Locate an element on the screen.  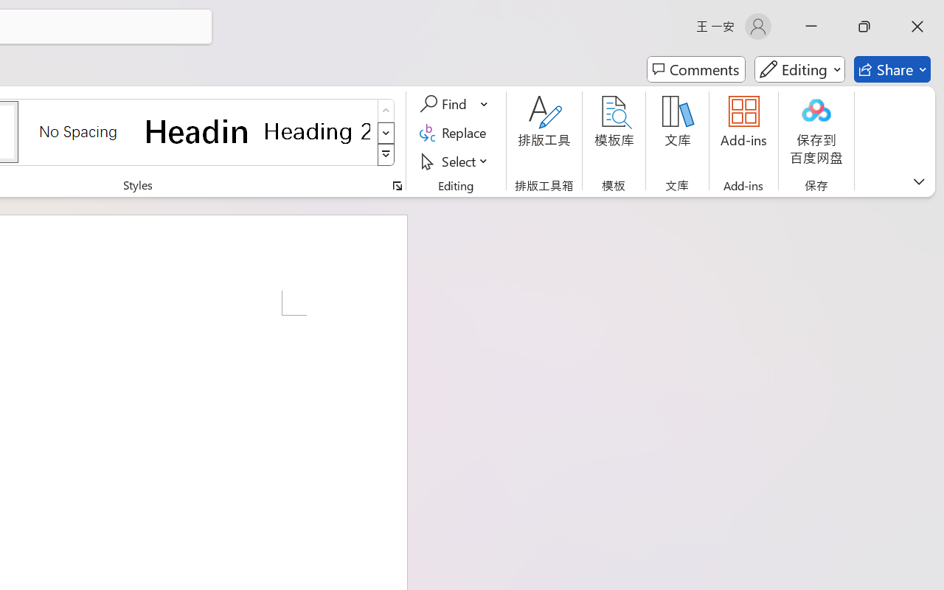
'Heading 2' is located at coordinates (316, 131).